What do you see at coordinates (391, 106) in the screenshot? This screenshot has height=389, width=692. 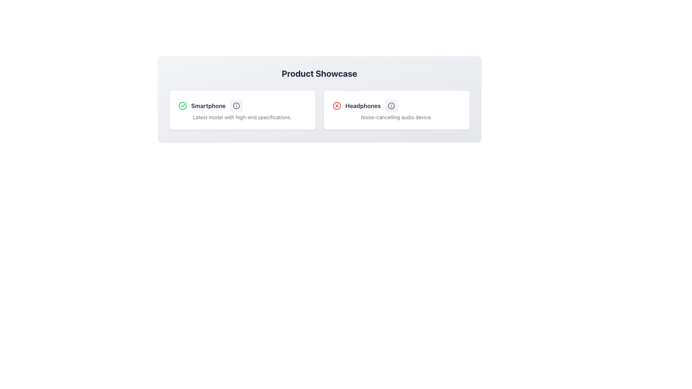 I see `the informational icon button in the 'Headphones' row of the 'Product Showcase' section` at bounding box center [391, 106].